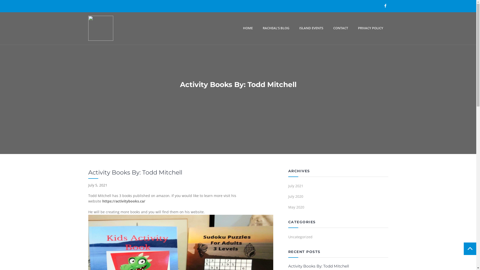 This screenshot has height=270, width=480. What do you see at coordinates (288, 208) in the screenshot?
I see `'May 2020'` at bounding box center [288, 208].